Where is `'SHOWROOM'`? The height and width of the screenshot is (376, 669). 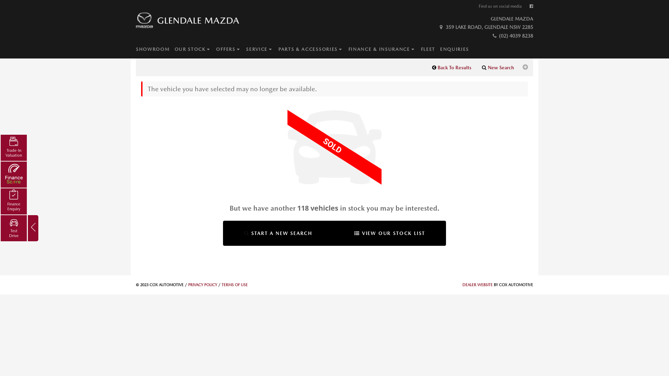
'SHOWROOM' is located at coordinates (155, 49).